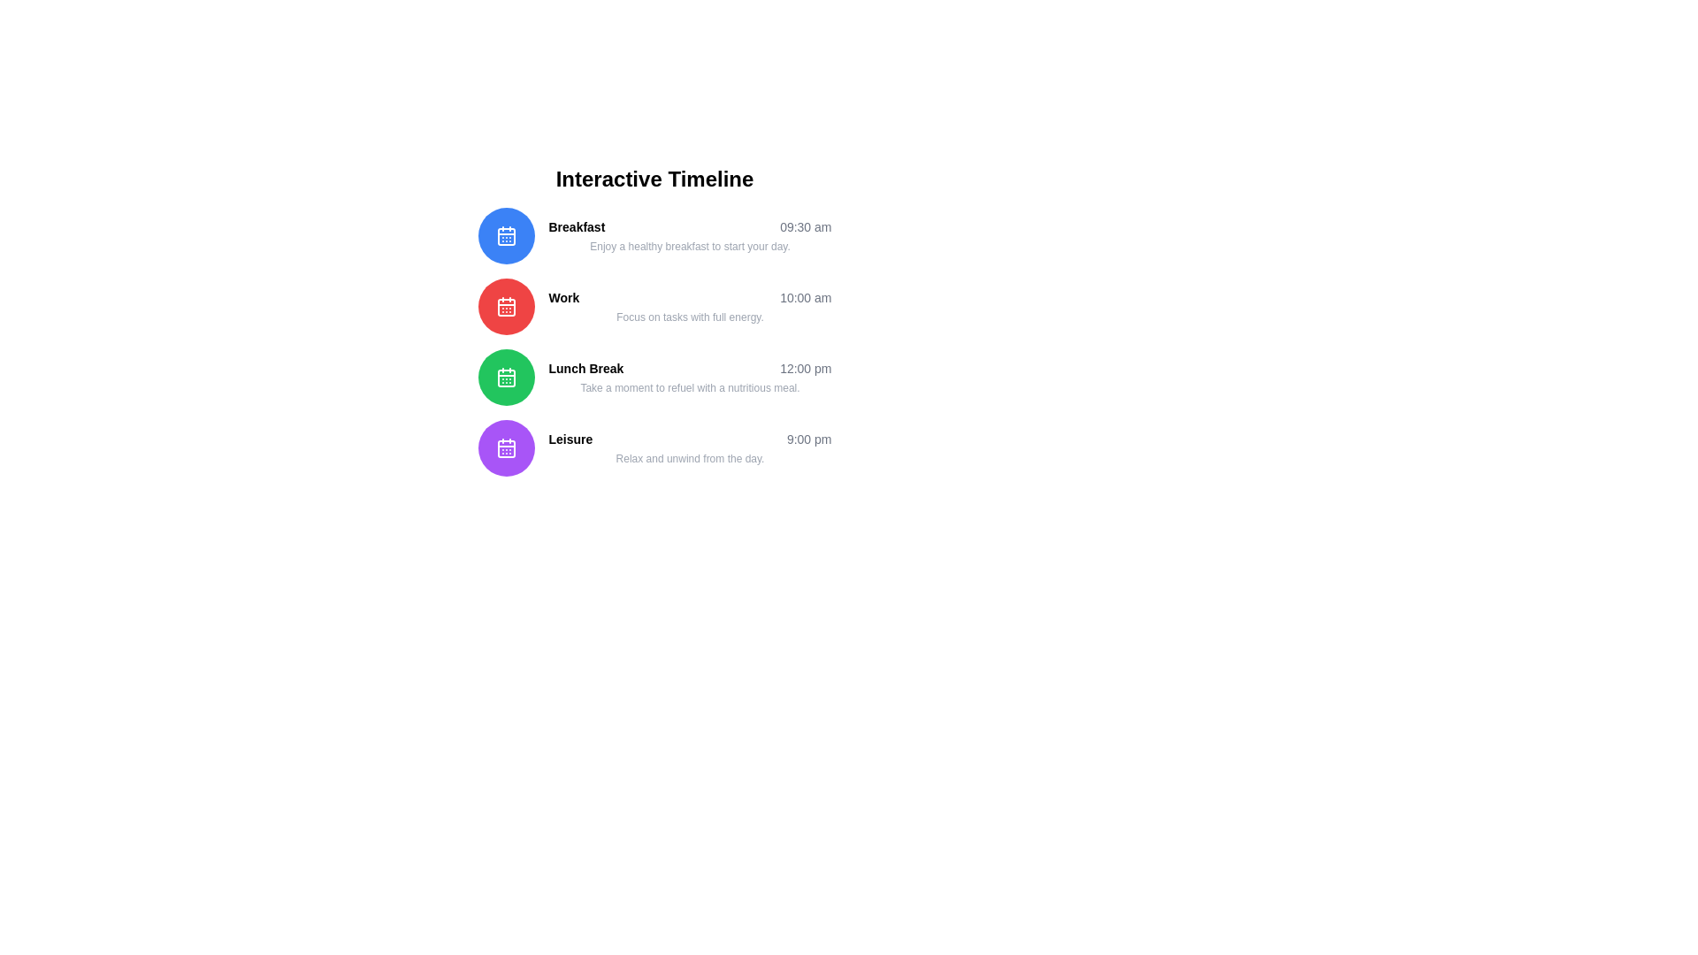  I want to click on the 'Leisure' timeline event, which is the fourth entry in the vertical timeline list, located at the bottom of the timeline, so click(654, 447).